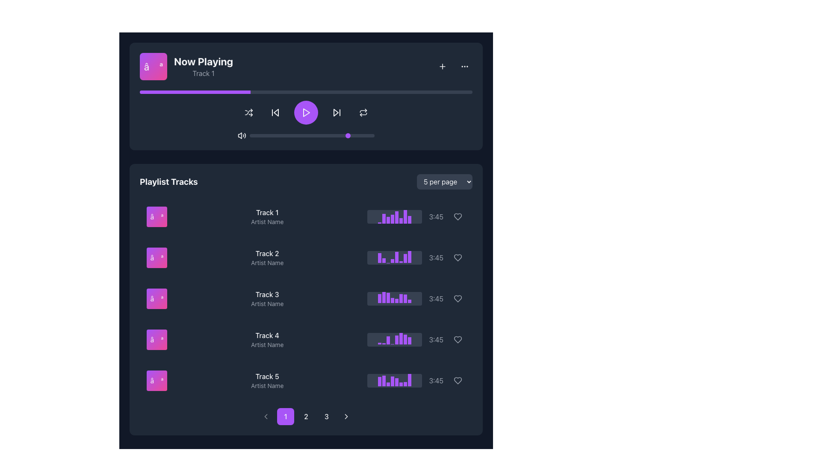 This screenshot has height=461, width=821. What do you see at coordinates (457, 216) in the screenshot?
I see `the heart-shaped 'like' button located on the far right side of the first playlist track row` at bounding box center [457, 216].